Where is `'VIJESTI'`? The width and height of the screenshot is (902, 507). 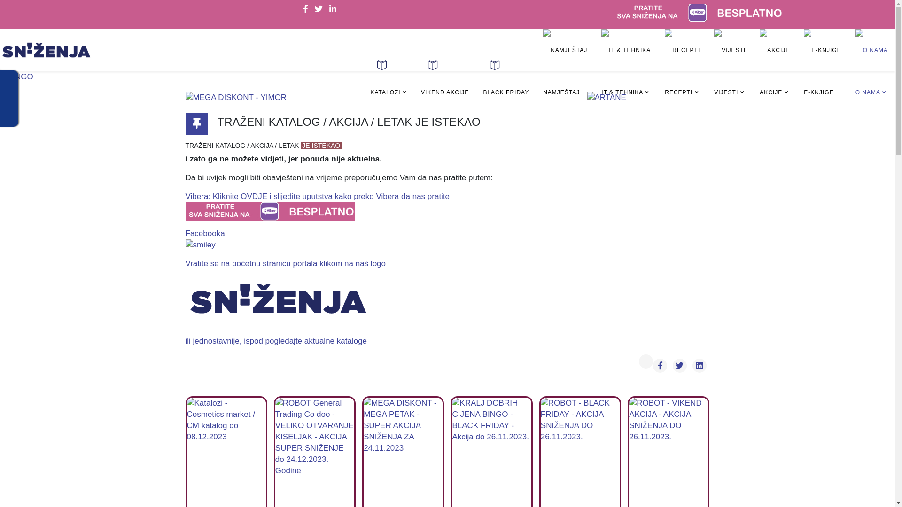
'VIJESTI' is located at coordinates (729, 70).